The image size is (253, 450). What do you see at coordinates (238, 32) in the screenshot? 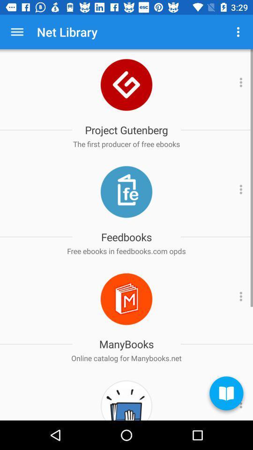
I see `the icon to the right of net library` at bounding box center [238, 32].